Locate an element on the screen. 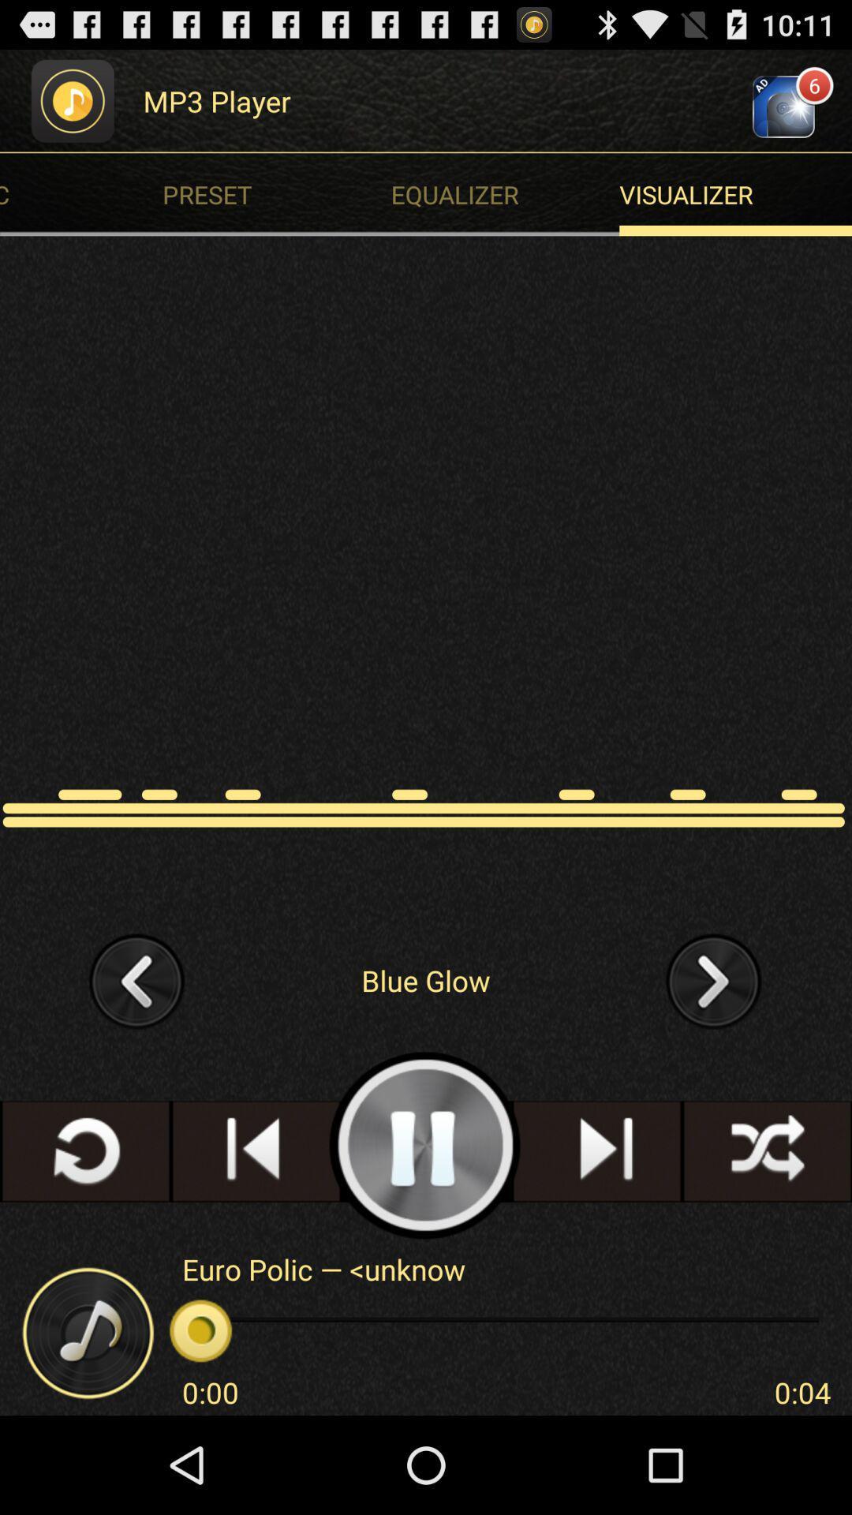  the app below the blue glow item is located at coordinates (424, 1146).